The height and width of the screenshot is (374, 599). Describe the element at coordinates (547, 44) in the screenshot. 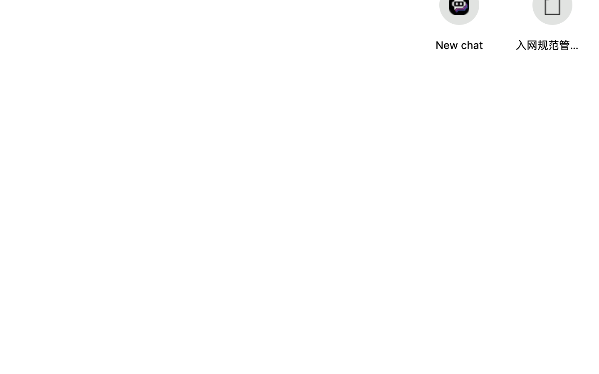

I see `'入网规范管理平台'` at that location.